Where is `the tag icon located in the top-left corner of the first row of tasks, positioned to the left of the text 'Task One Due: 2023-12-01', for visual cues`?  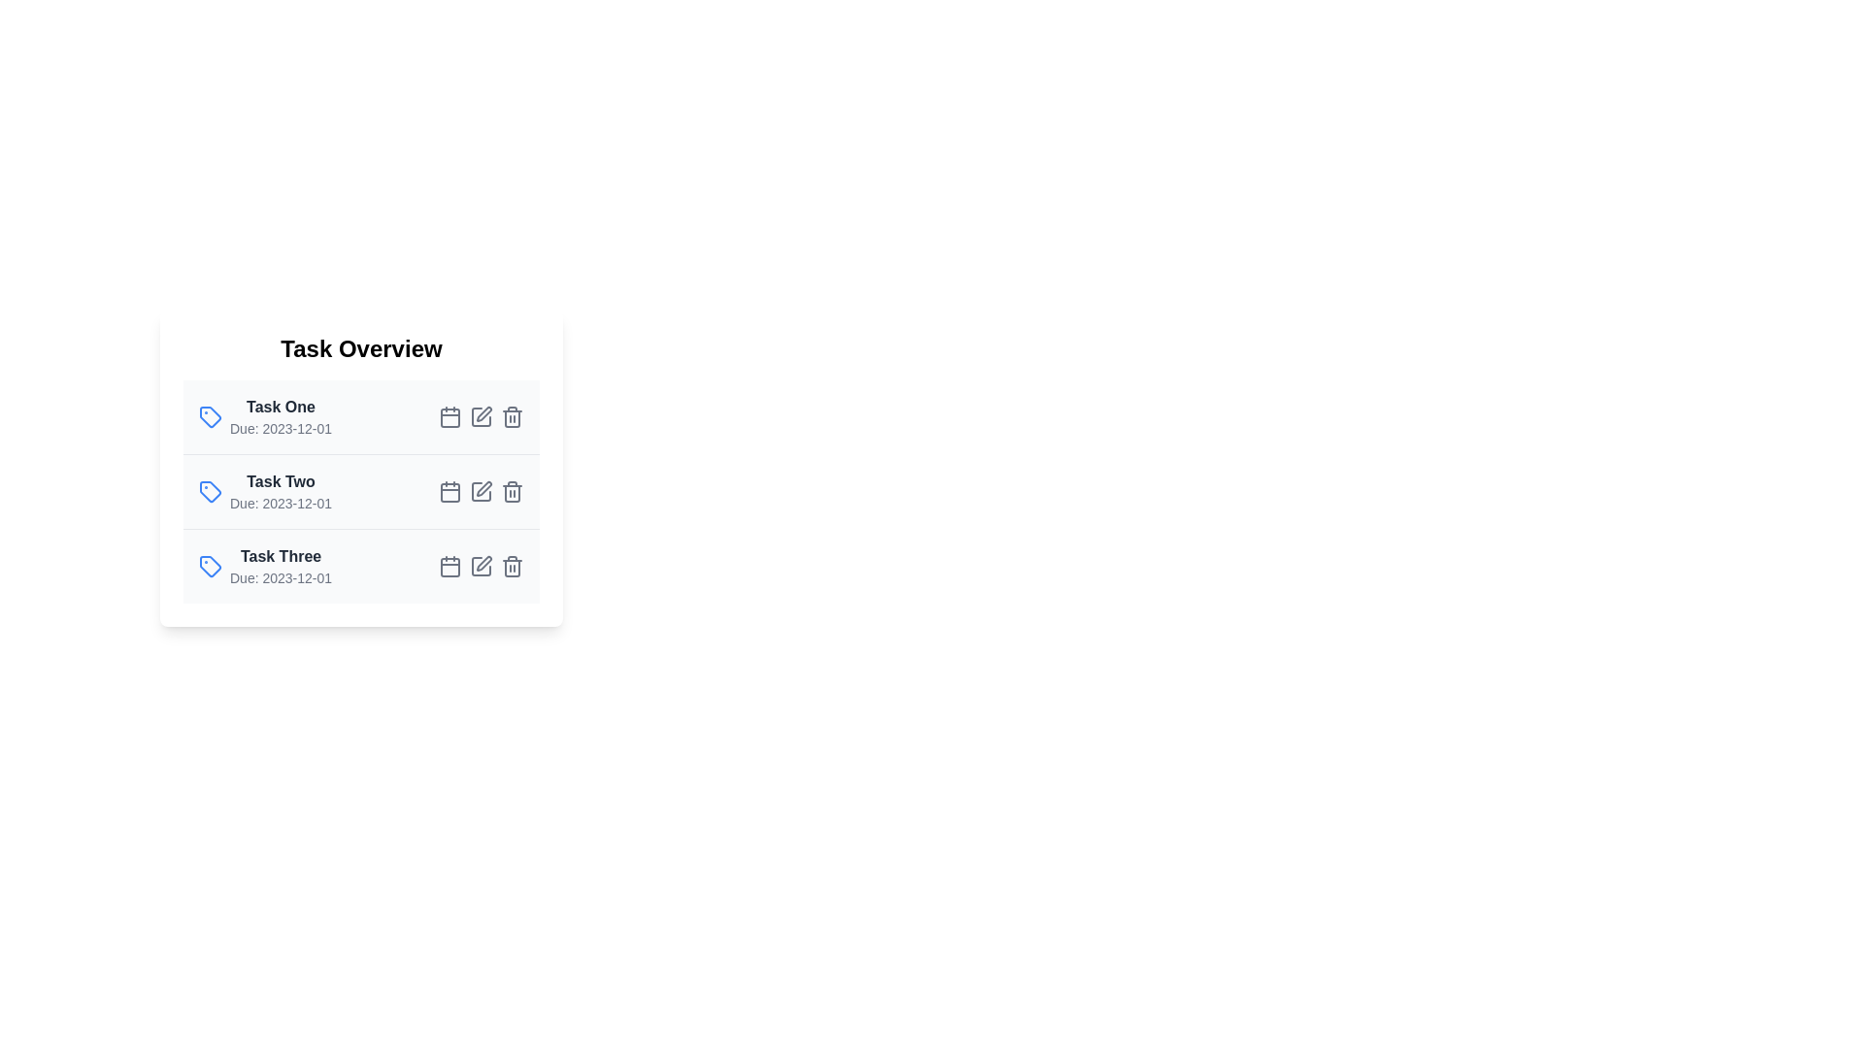 the tag icon located in the top-left corner of the first row of tasks, positioned to the left of the text 'Task One Due: 2023-12-01', for visual cues is located at coordinates (210, 415).